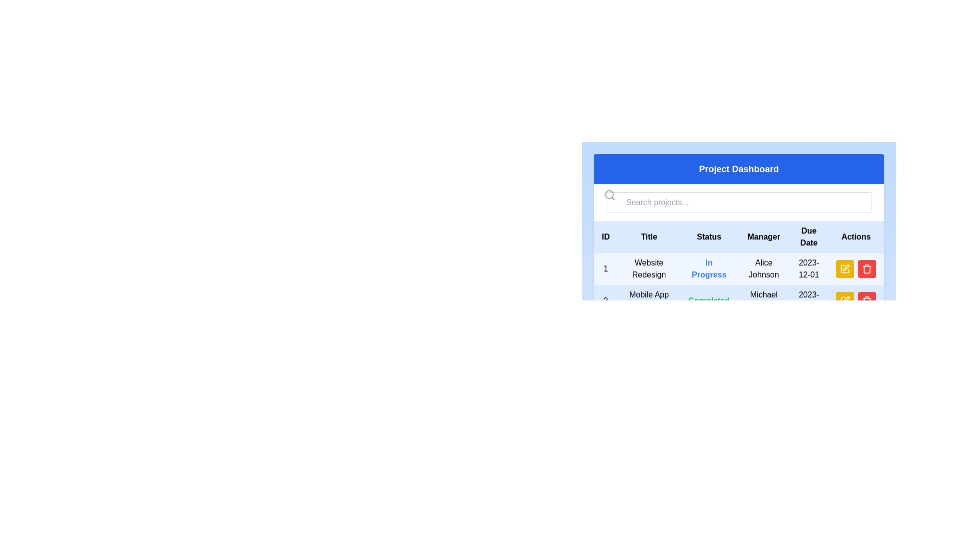 This screenshot has height=539, width=959. I want to click on the 'Status' text label which is the third column heading in a table with six headers, displayed in bold black font against a light blue background, so click(708, 237).